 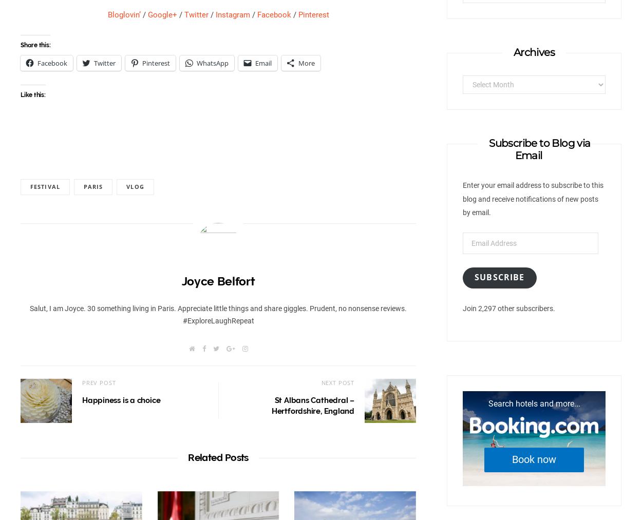 I want to click on 'Festival', so click(x=44, y=186).